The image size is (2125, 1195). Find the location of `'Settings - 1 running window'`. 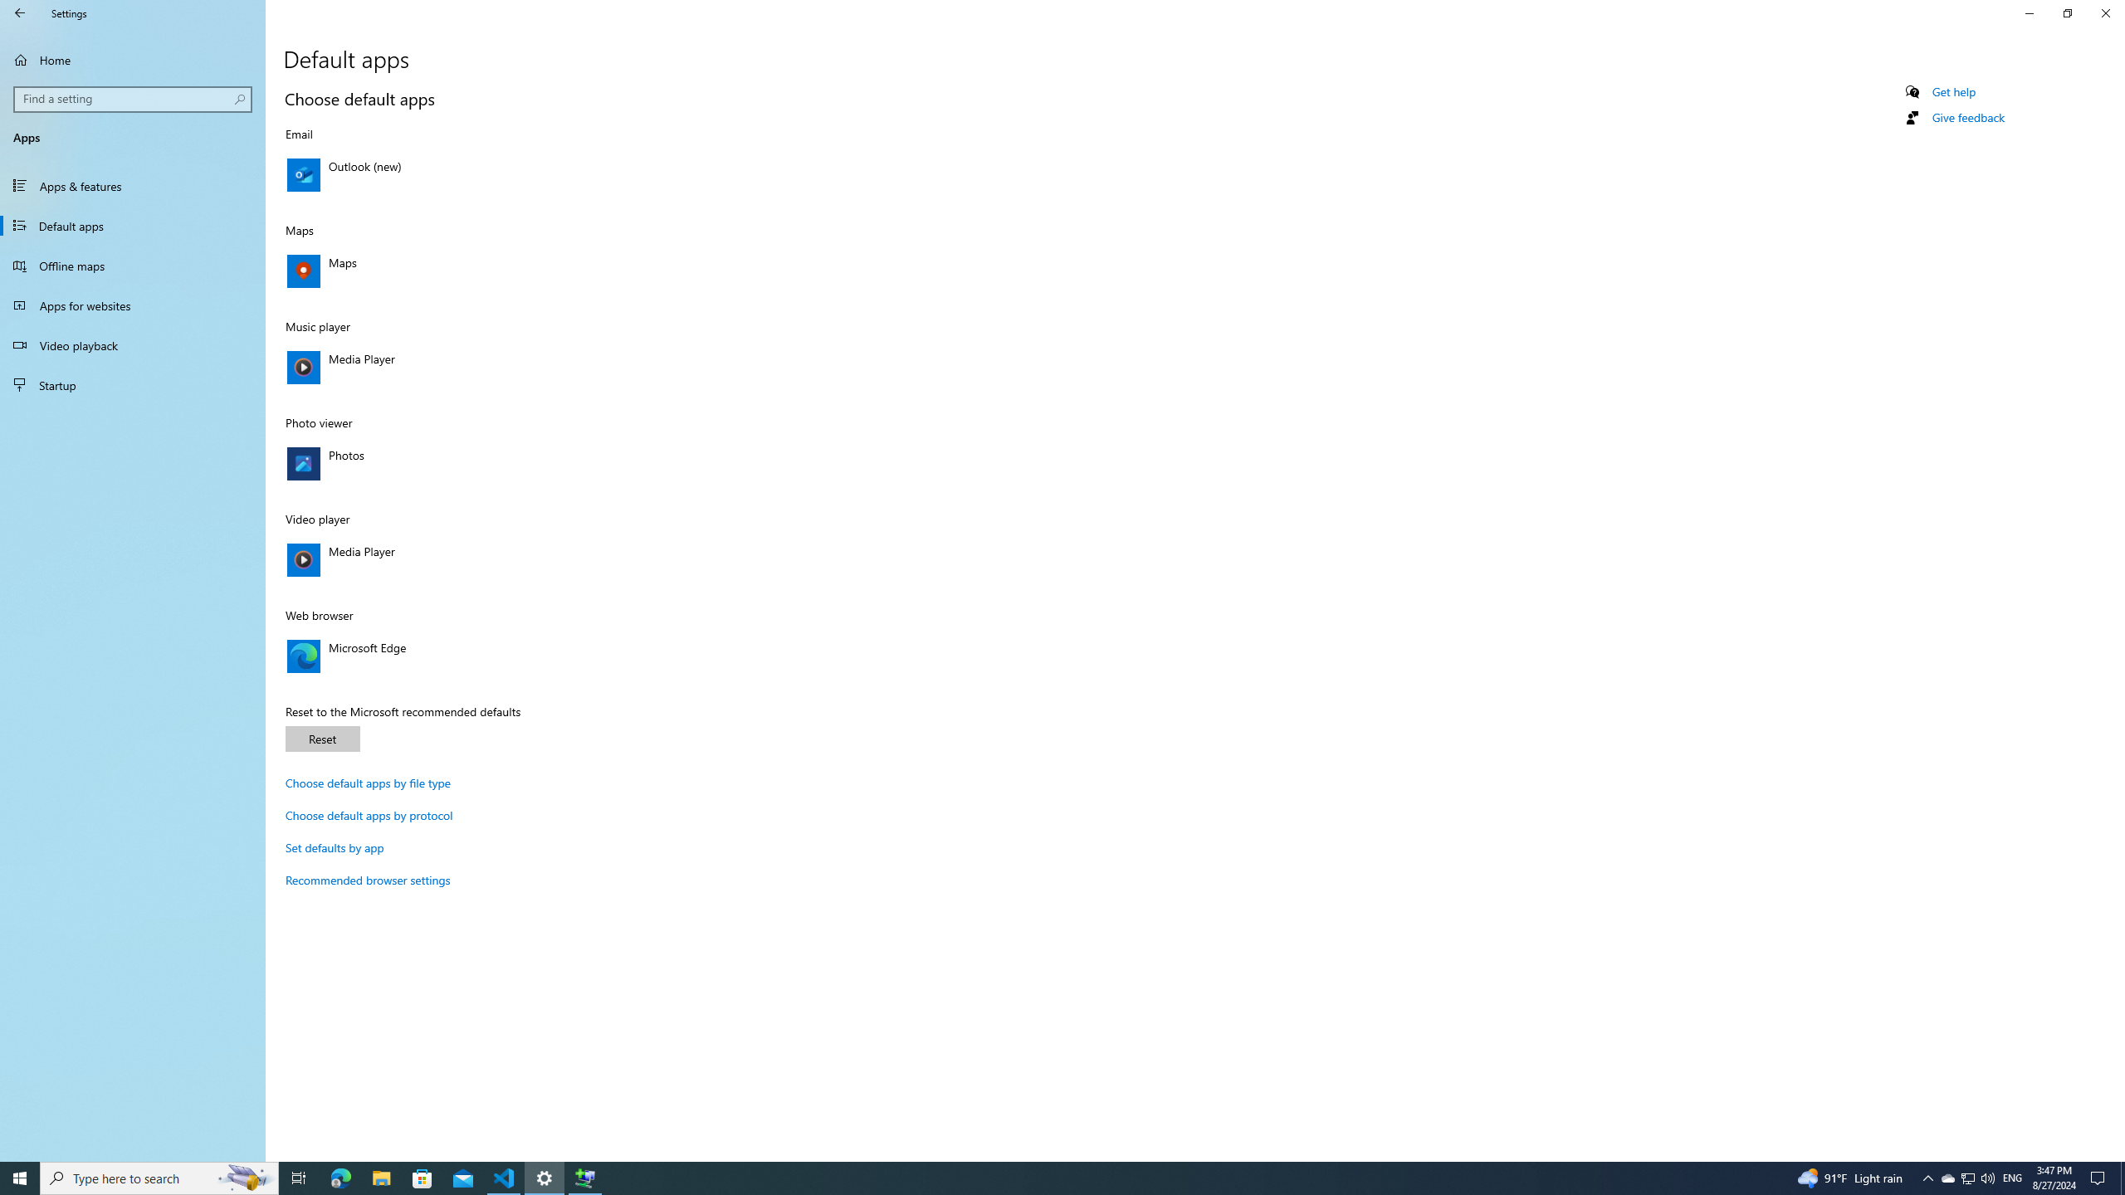

'Settings - 1 running window' is located at coordinates (545, 1177).